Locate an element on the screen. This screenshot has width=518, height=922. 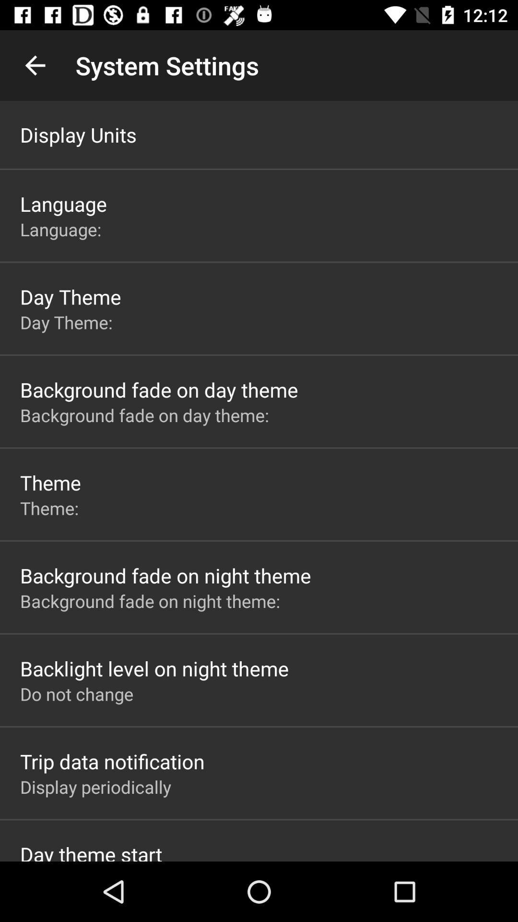
the app next to the system settings icon is located at coordinates (35, 65).